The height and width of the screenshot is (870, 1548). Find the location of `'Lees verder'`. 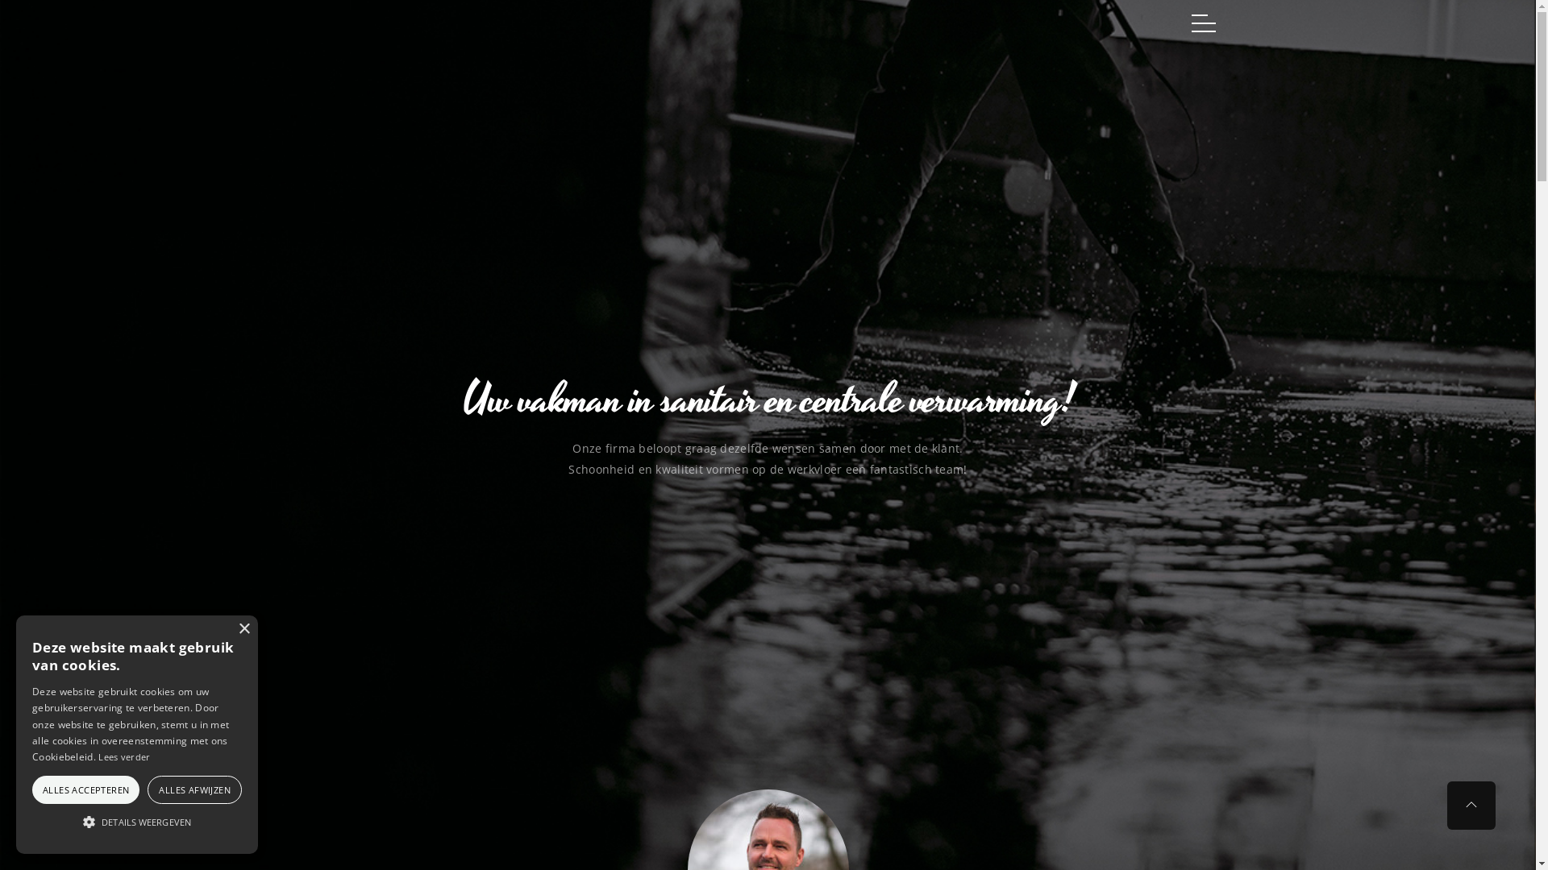

'Lees verder' is located at coordinates (123, 756).